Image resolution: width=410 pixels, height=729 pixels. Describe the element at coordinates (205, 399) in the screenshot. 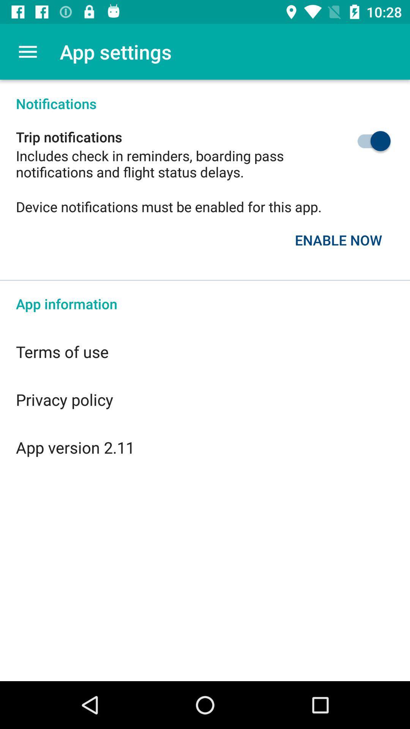

I see `the privacy policy item` at that location.